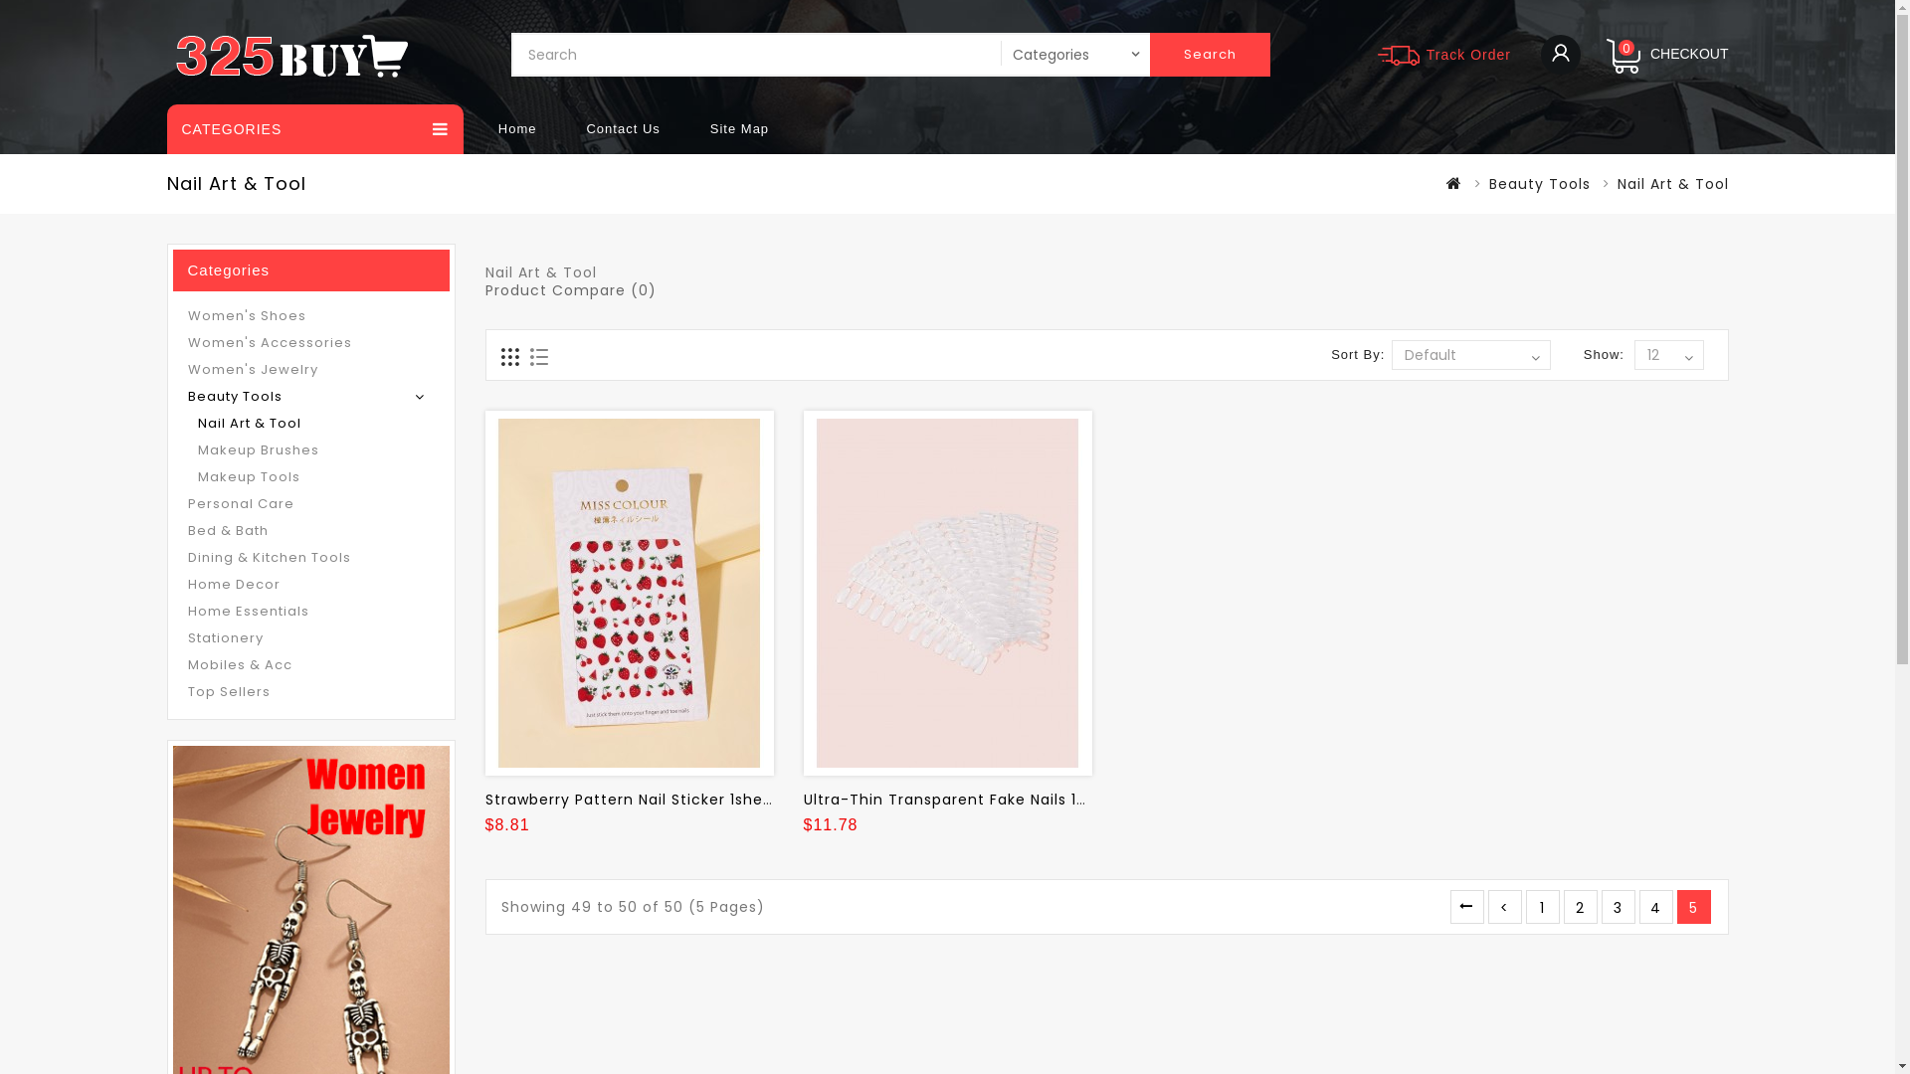 Image resolution: width=1910 pixels, height=1074 pixels. Describe the element at coordinates (309, 663) in the screenshot. I see `'Mobiles & Acc'` at that location.